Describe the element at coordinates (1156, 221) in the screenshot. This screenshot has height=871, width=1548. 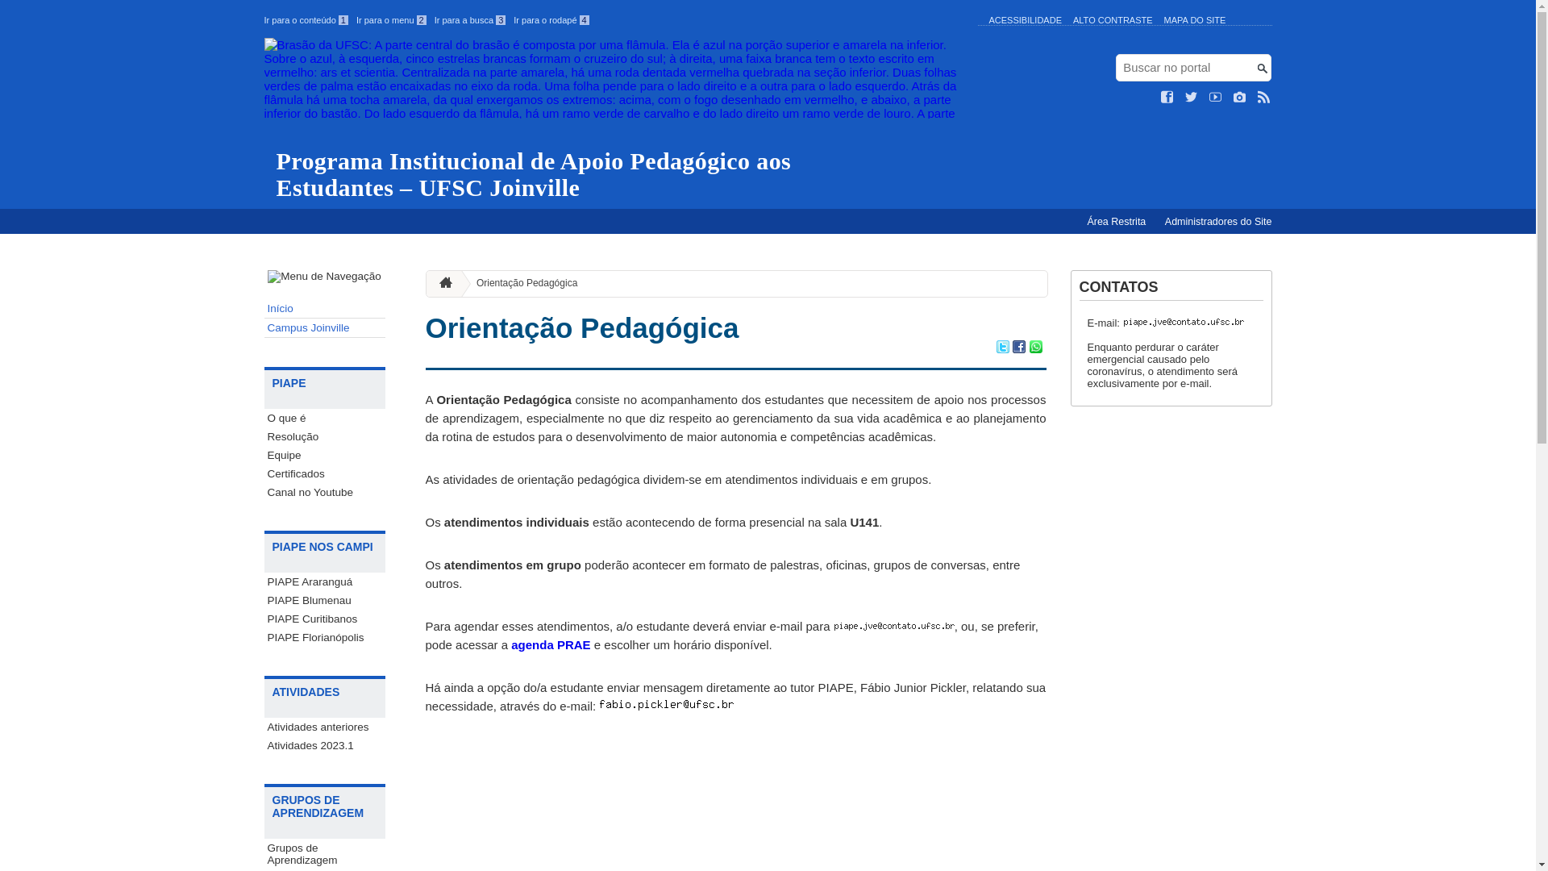
I see `'Administradores do Site'` at that location.